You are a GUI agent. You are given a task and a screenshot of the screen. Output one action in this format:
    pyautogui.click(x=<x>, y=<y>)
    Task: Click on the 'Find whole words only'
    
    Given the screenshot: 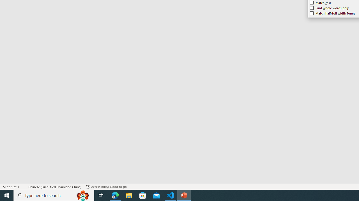 What is the action you would take?
    pyautogui.click(x=330, y=8)
    